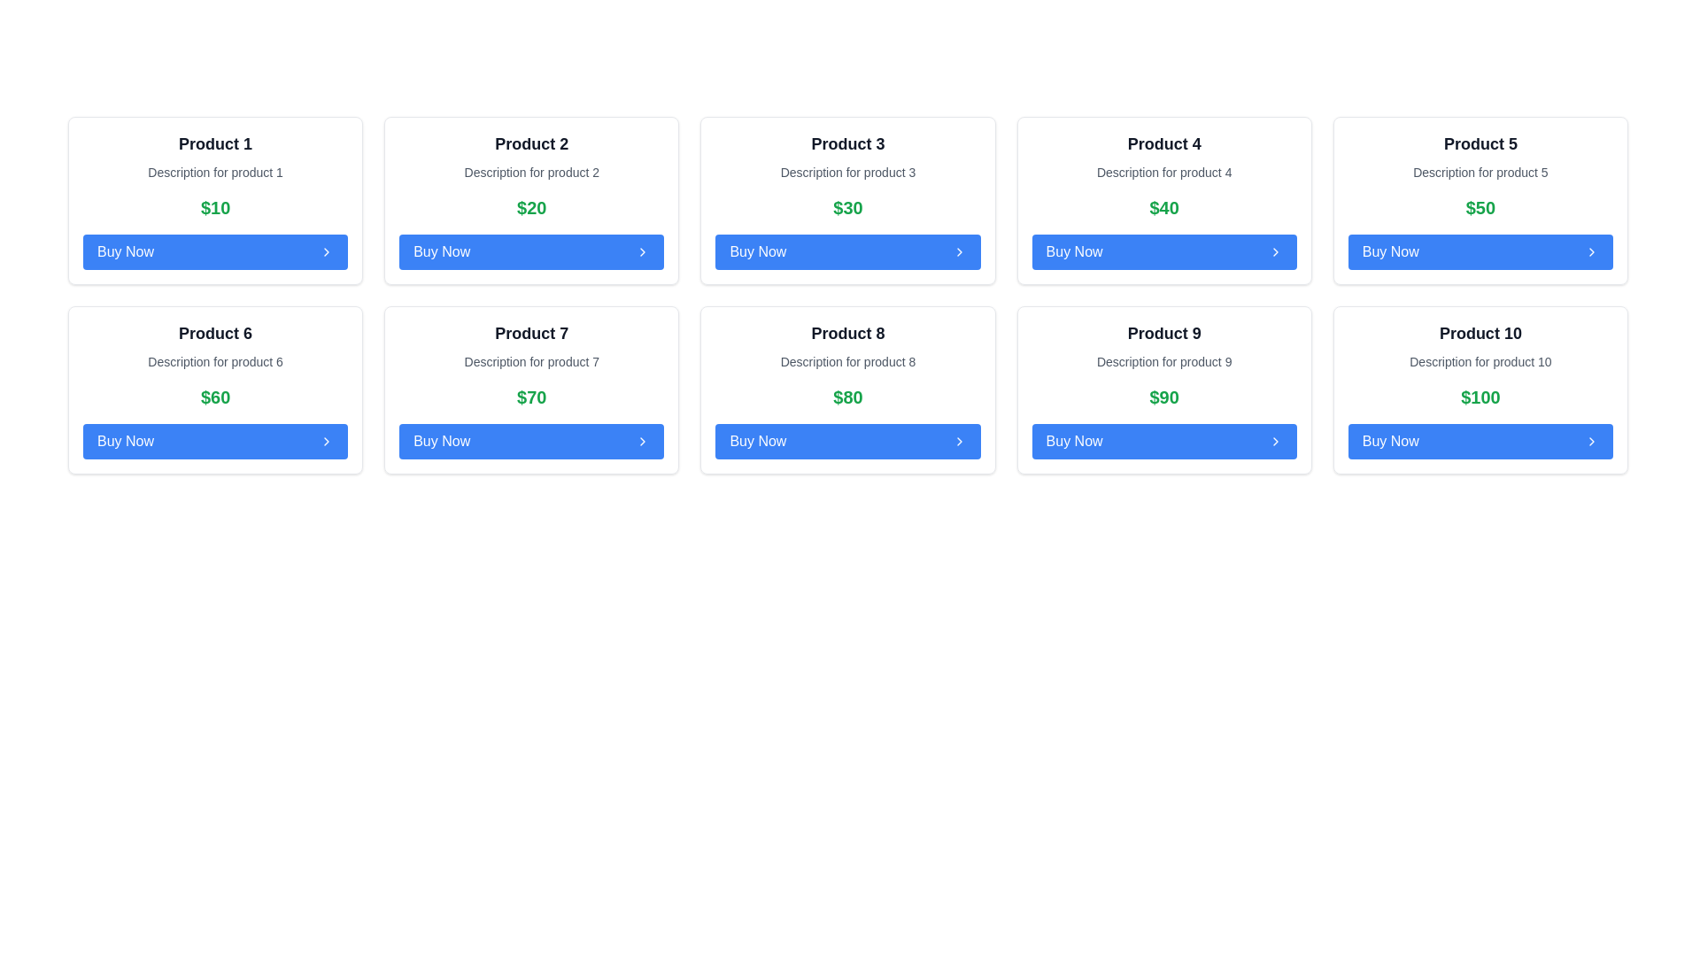 This screenshot has width=1700, height=956. What do you see at coordinates (847, 440) in the screenshot?
I see `the 'Buy Now' button with a blue background located at the bottom of the eighth product card, beneath the product price '$80'` at bounding box center [847, 440].